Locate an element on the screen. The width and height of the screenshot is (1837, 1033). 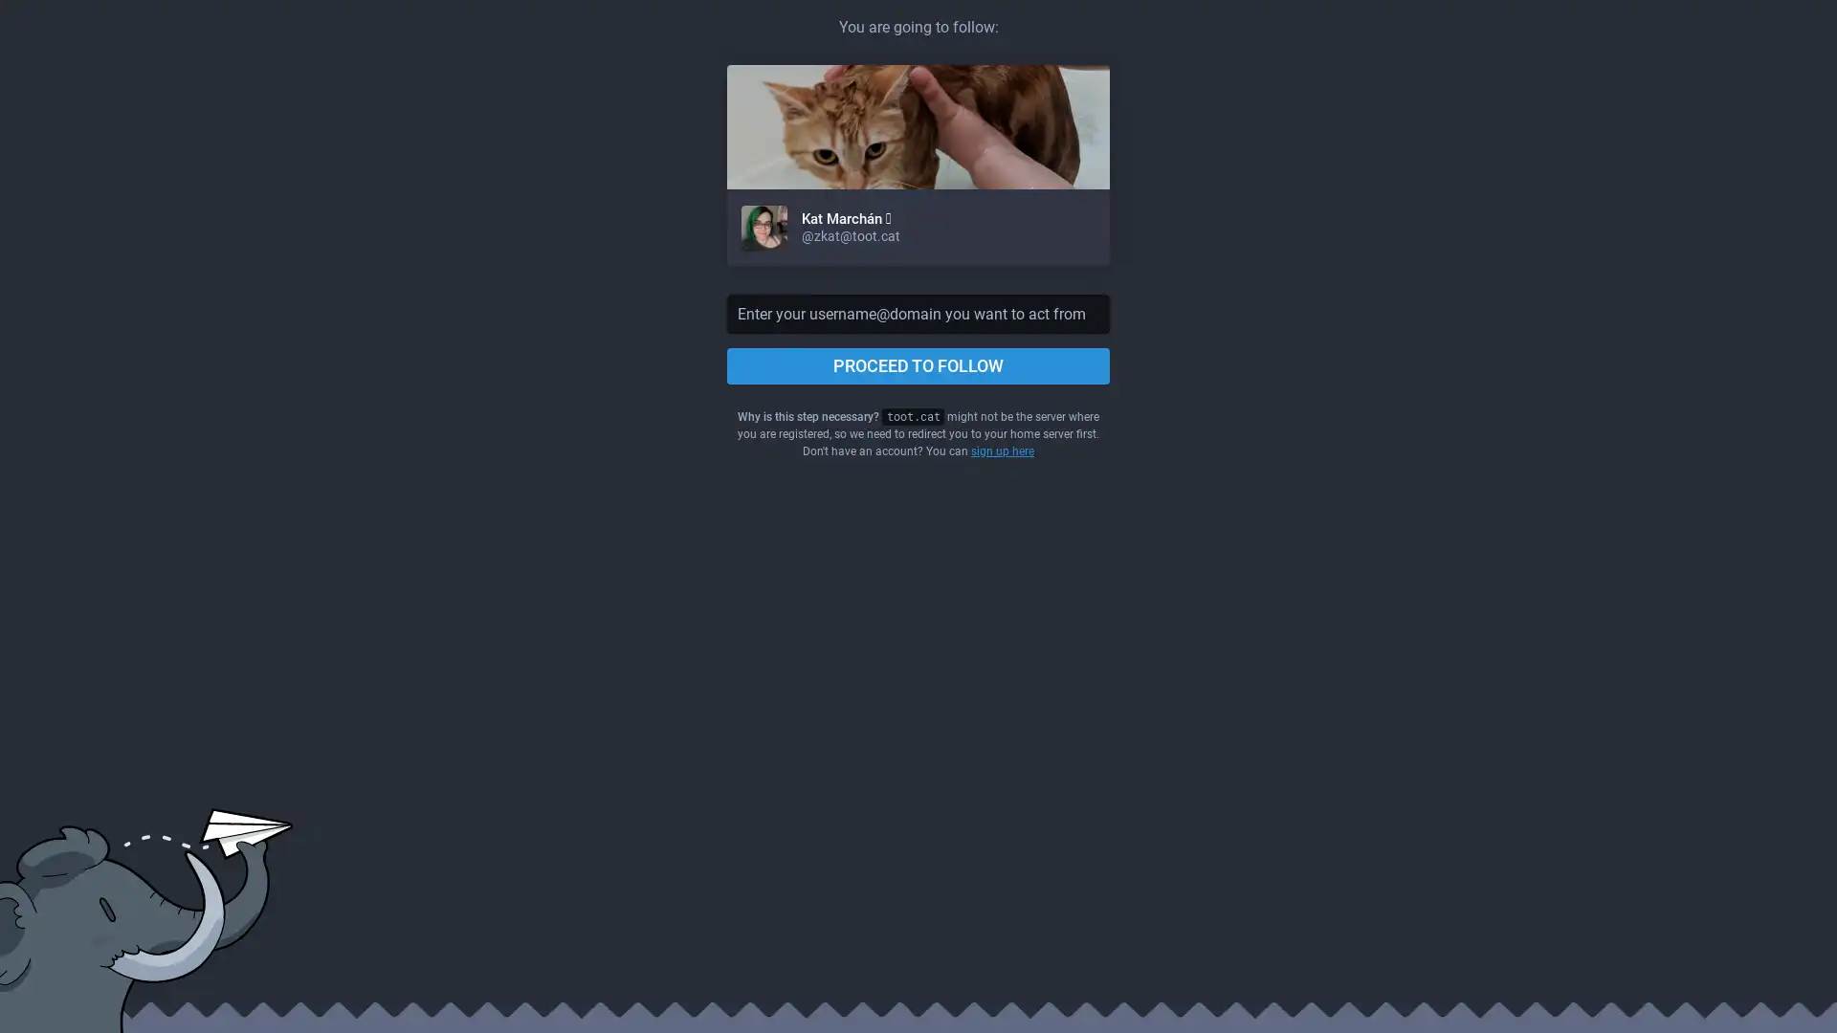
PROCEED TO FOLLOW is located at coordinates (918, 365).